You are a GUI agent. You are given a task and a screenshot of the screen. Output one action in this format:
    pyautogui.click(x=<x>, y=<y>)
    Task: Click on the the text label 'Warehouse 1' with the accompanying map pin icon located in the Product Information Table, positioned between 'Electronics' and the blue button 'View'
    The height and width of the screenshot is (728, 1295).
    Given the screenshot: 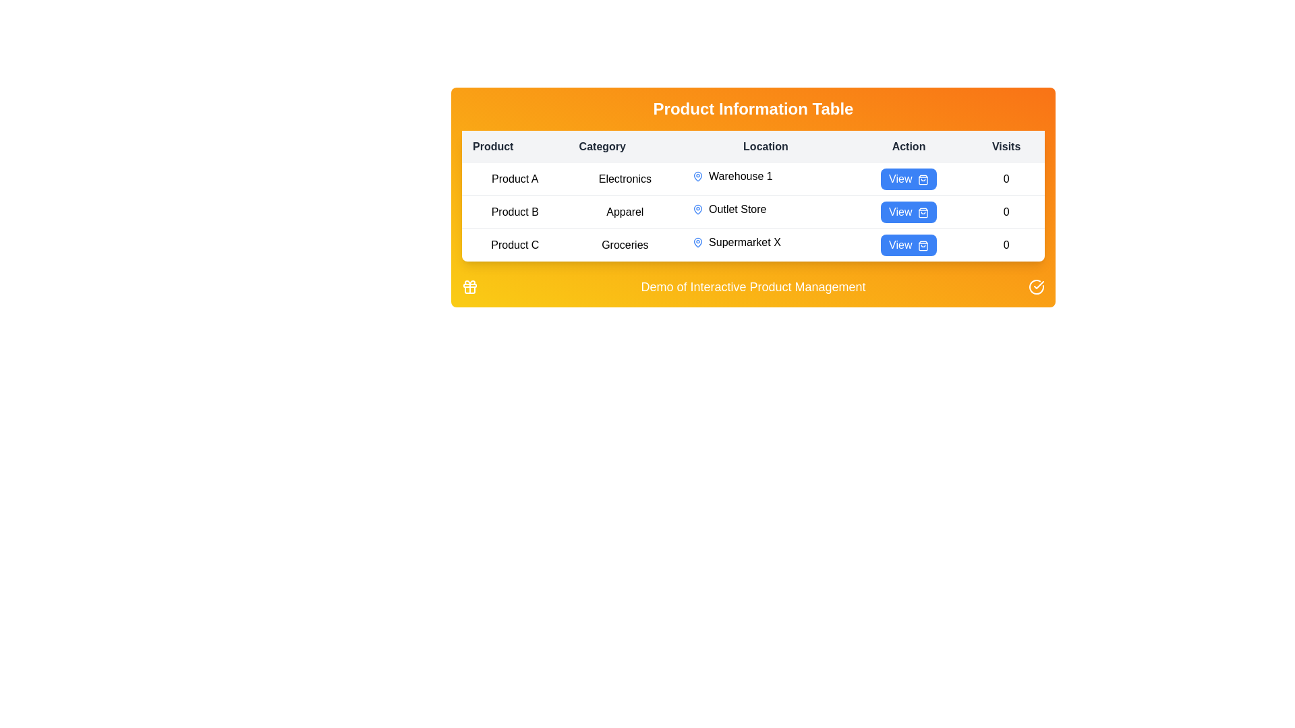 What is the action you would take?
    pyautogui.click(x=766, y=176)
    